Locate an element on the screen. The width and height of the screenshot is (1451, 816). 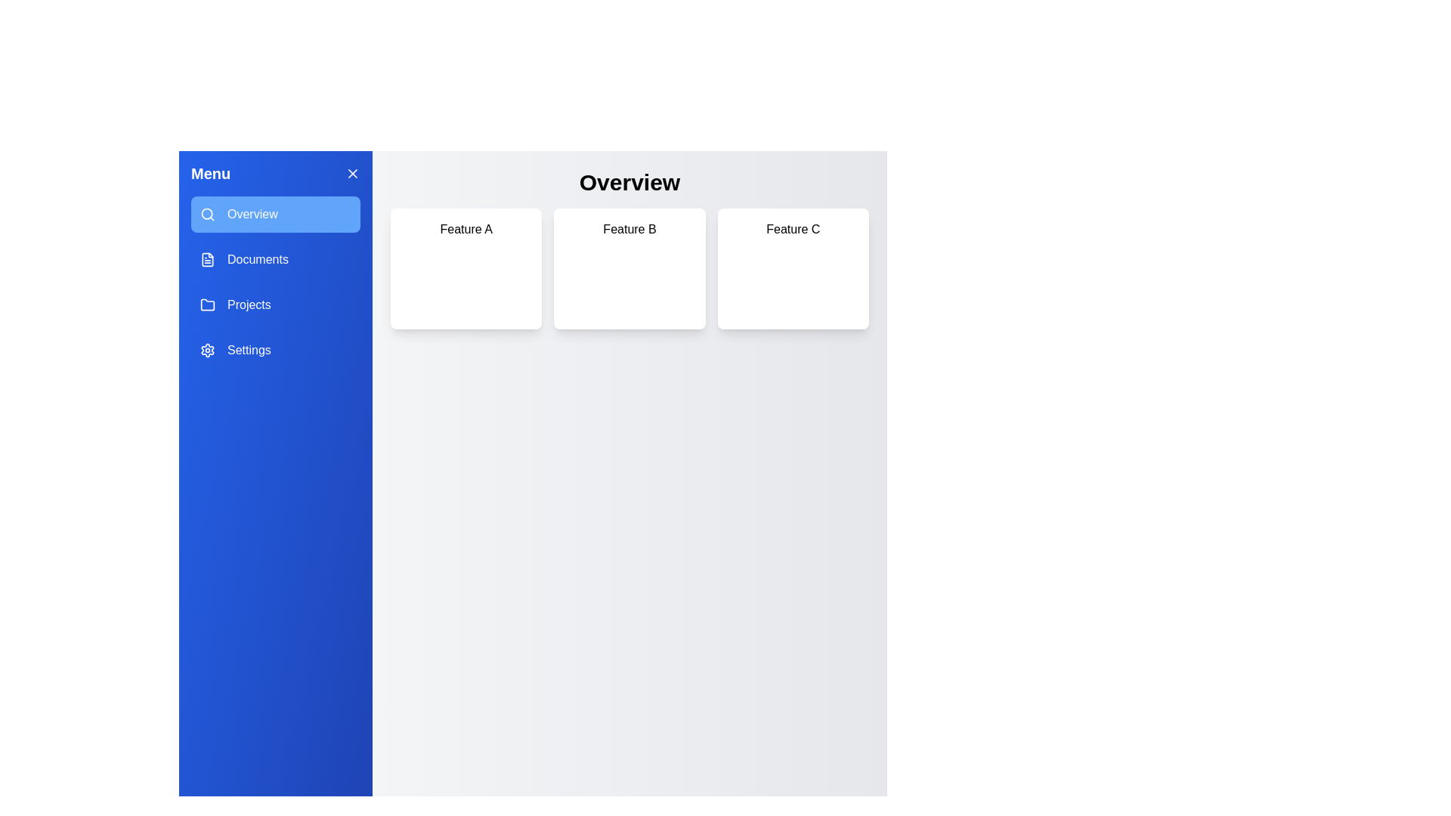
the Overview tab by clicking on its corresponding button in the drawer menu is located at coordinates (275, 215).